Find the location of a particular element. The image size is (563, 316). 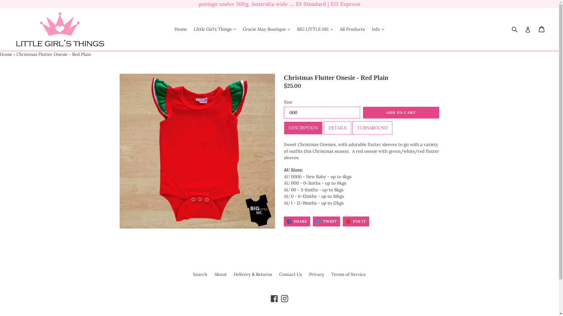

'Delivery & Returns' is located at coordinates (233, 274).